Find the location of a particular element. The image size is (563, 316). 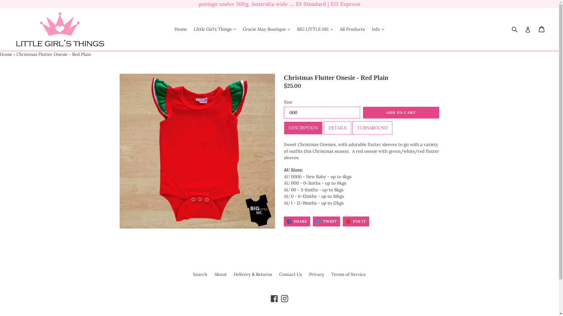

'Delivery & Returns' is located at coordinates (233, 274).